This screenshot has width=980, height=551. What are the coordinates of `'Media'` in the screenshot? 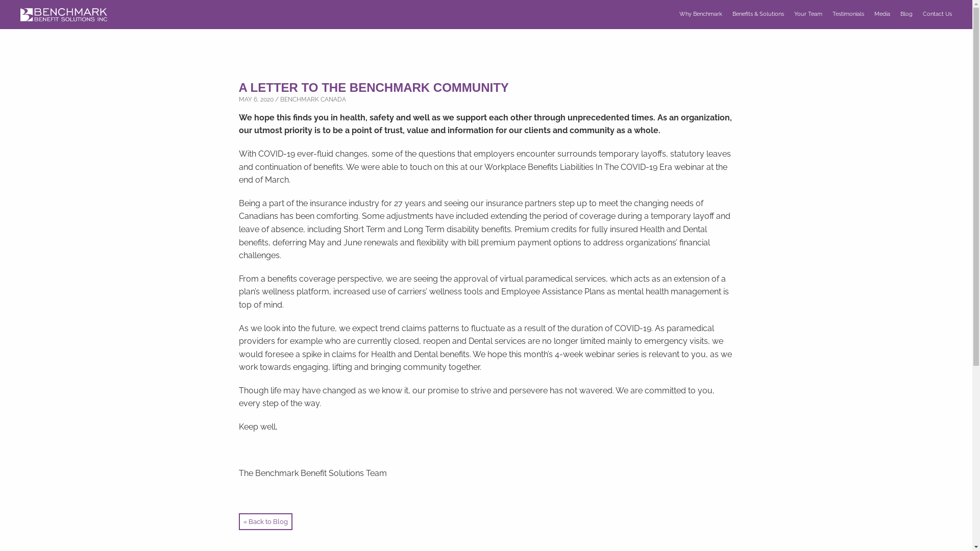 It's located at (881, 14).